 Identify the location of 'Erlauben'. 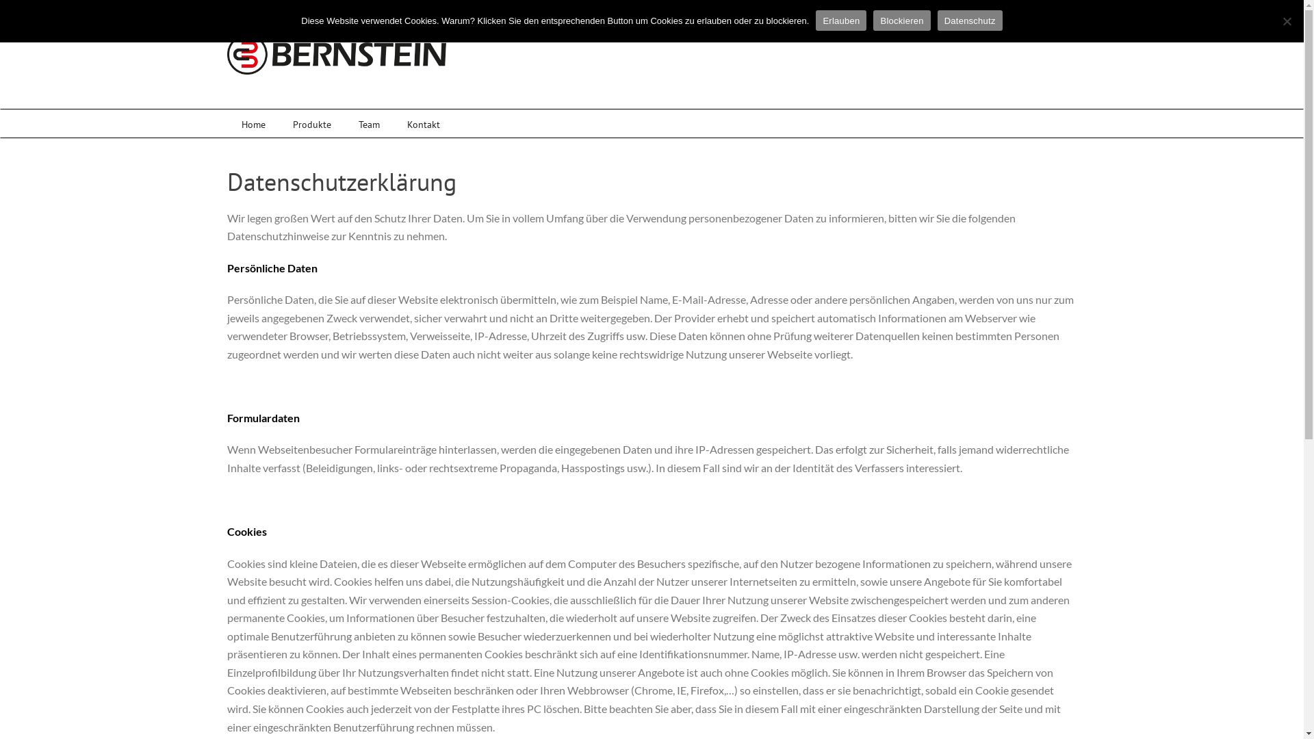
(840, 21).